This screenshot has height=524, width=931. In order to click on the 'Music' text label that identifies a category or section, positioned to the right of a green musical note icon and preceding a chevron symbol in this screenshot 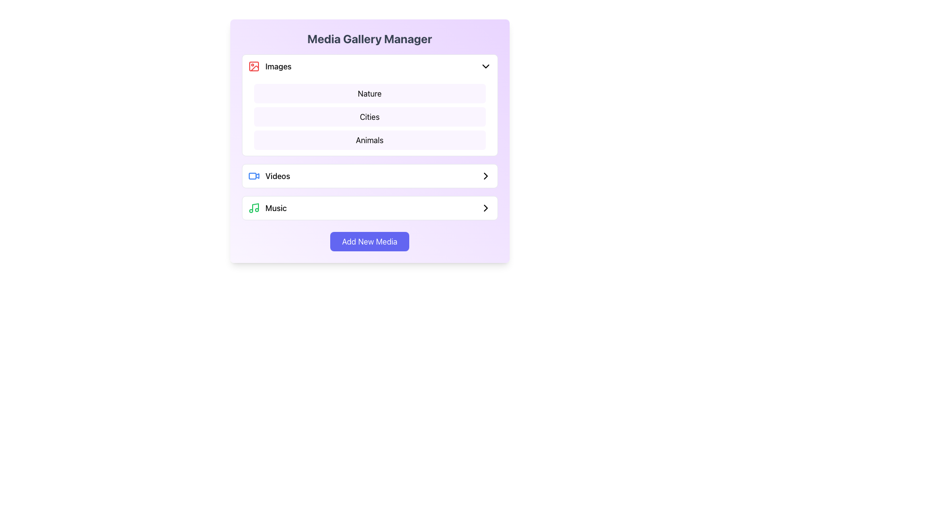, I will do `click(267, 207)`.